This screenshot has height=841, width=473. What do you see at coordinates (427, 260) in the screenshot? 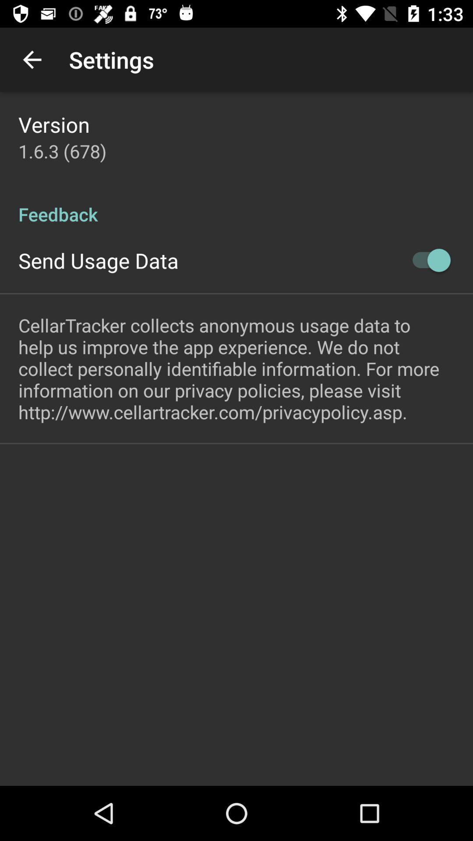
I see `the icon above cellartracker collects anonymous item` at bounding box center [427, 260].